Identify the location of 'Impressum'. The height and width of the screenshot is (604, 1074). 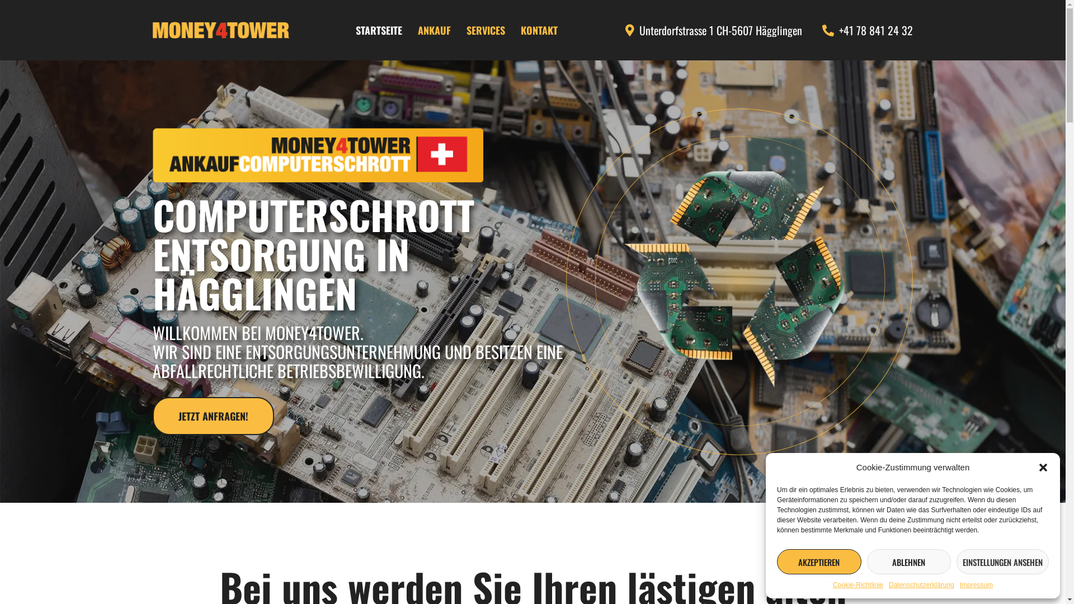
(976, 584).